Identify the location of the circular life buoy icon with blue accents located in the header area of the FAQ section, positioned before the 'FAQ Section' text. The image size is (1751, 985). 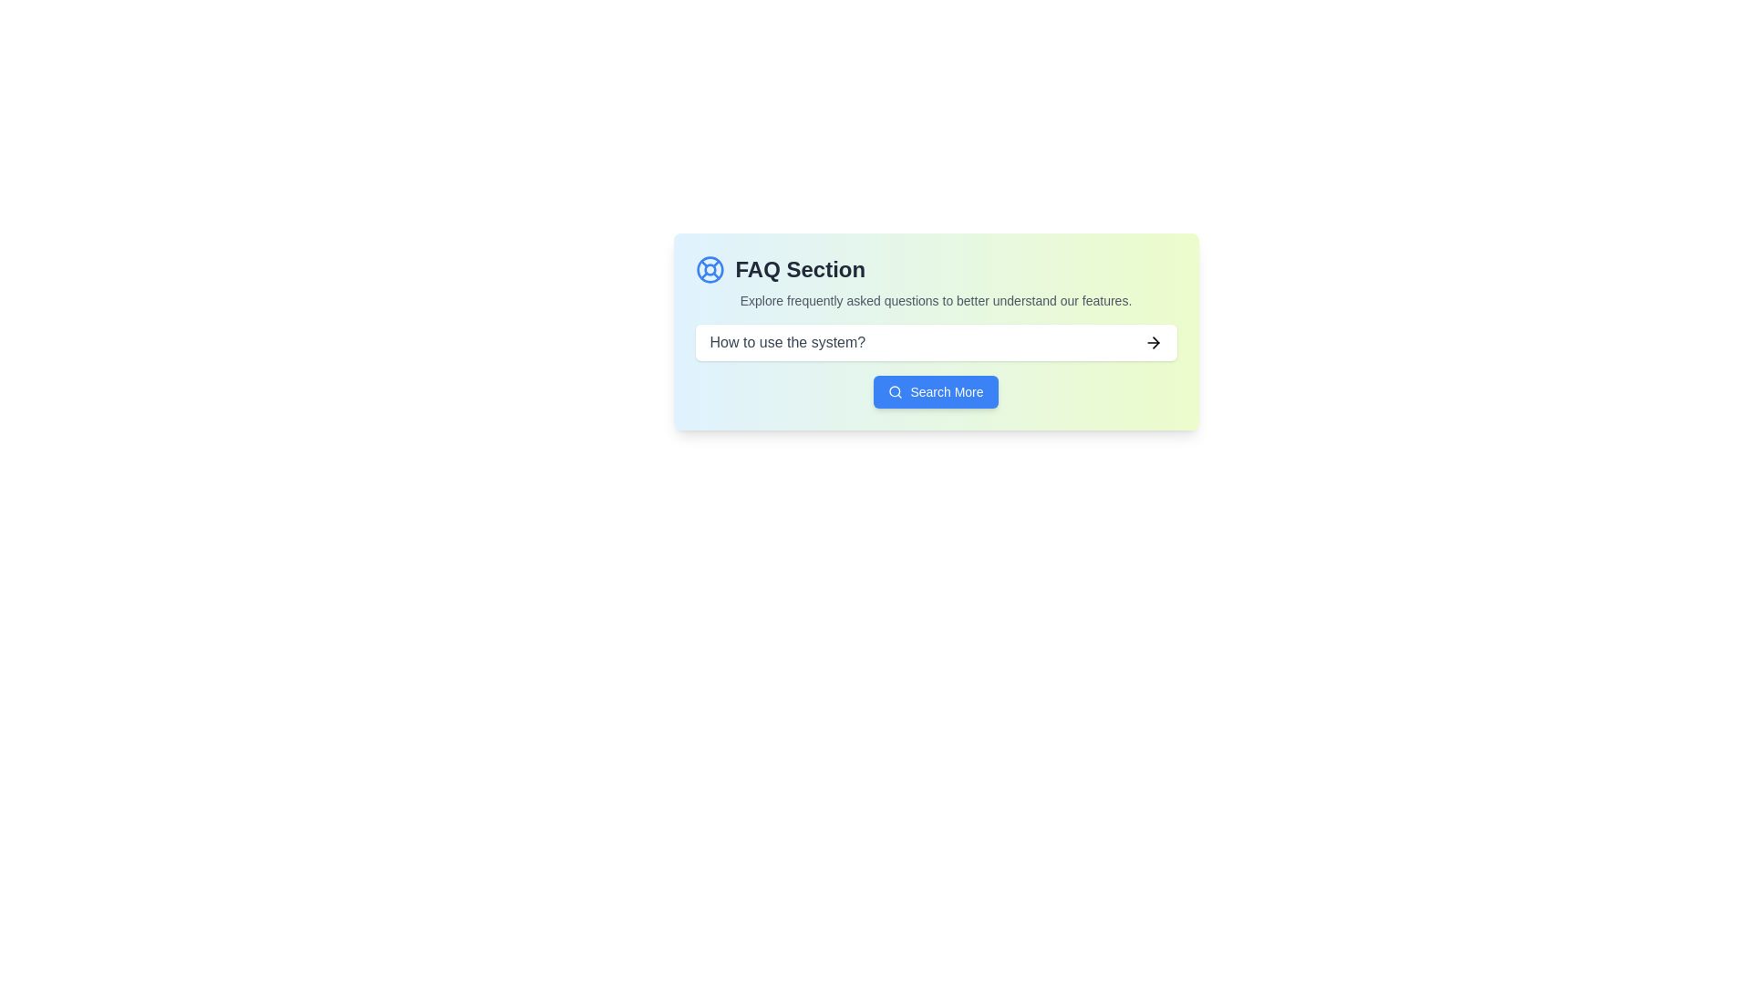
(709, 270).